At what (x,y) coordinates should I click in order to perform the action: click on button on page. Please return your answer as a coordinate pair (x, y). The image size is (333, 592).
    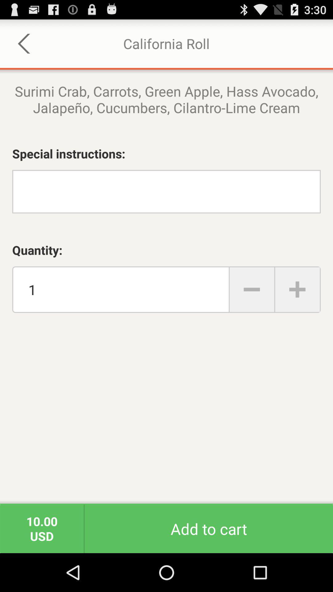
    Looking at the image, I should click on (252, 289).